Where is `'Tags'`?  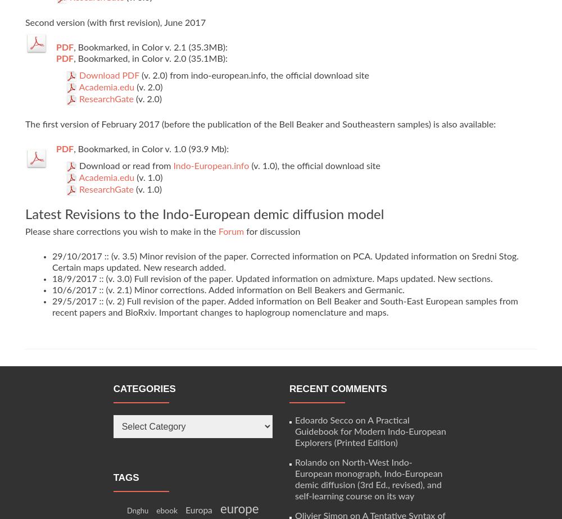 'Tags' is located at coordinates (125, 477).